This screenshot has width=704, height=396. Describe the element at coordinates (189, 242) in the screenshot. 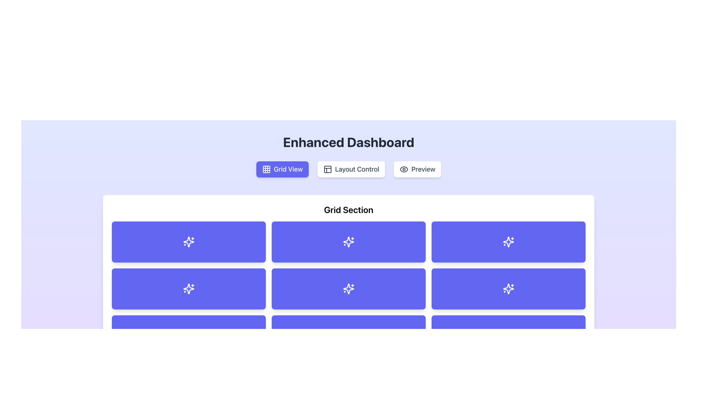

I see `the star-like icon with a sparkles motif located at the center of the first card in the top row of the grid section with a purple background` at that location.